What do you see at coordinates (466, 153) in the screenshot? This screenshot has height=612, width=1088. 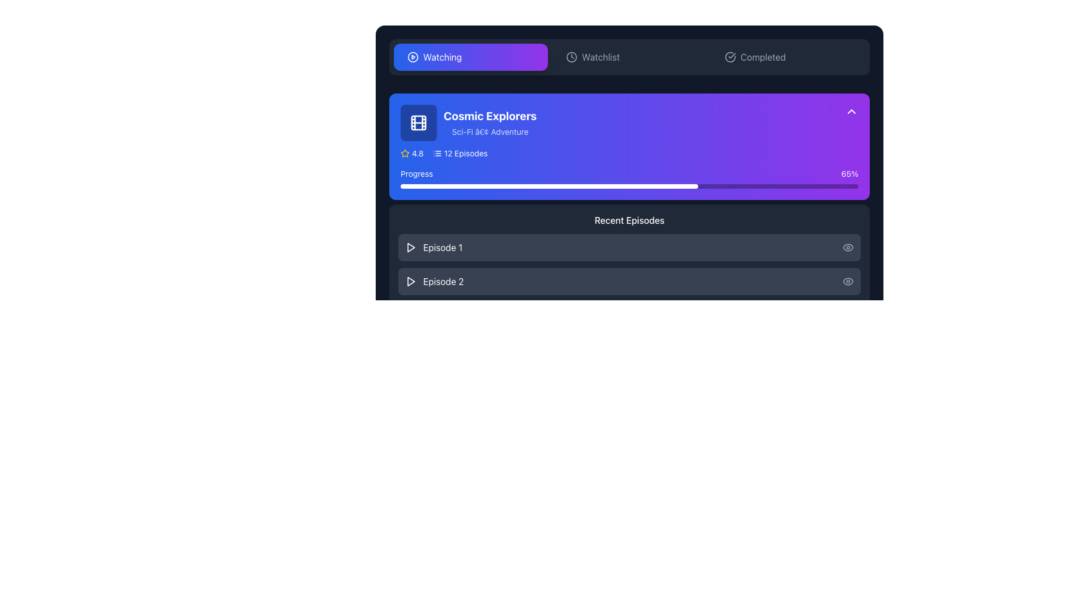 I see `the text label displaying '12 Episodes' in white font, located to the right of a ratings indicator and aligned with a list icon within the 'Cosmic Explorers' card` at bounding box center [466, 153].